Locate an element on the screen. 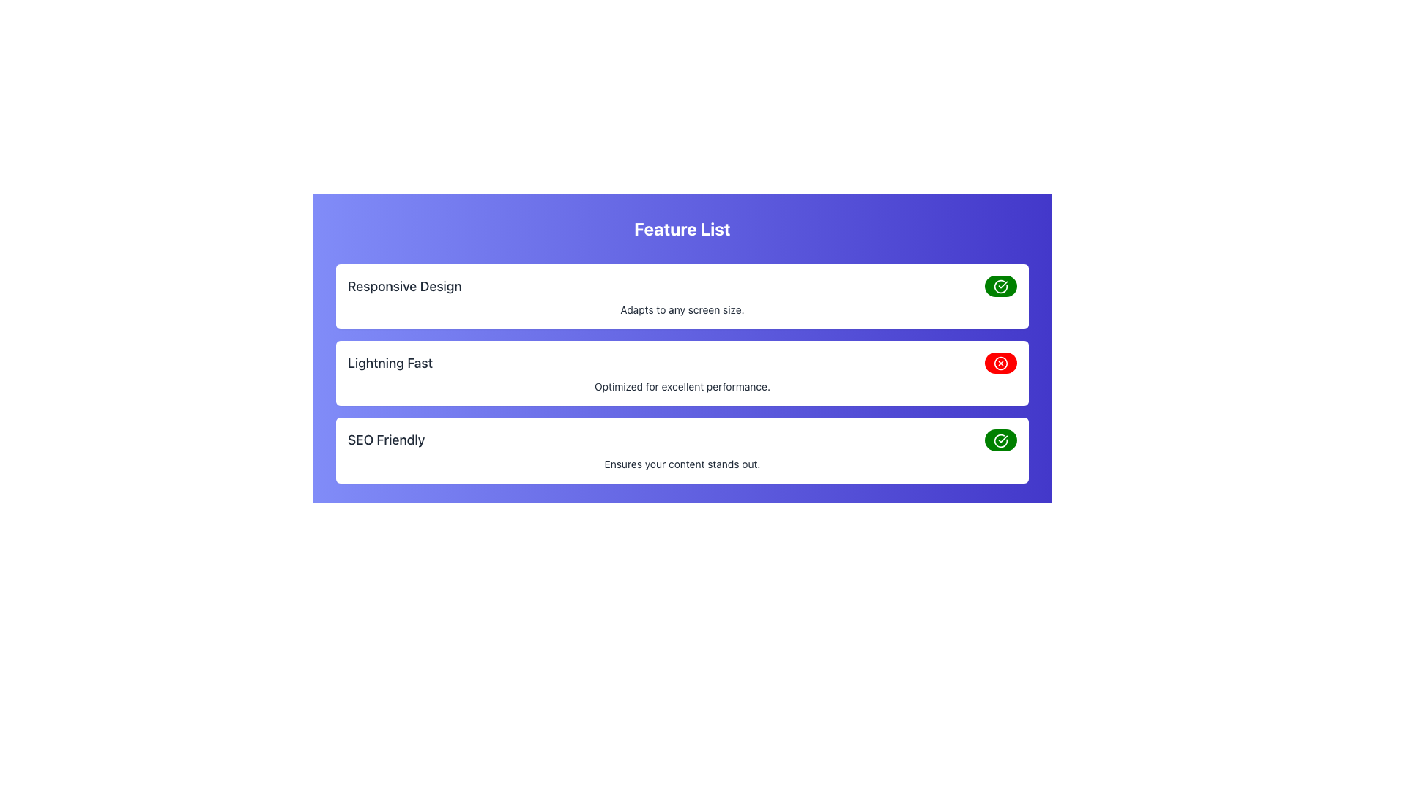 The image size is (1406, 790). the Indicator icon representing a 'negative' or 'inactive' state located on the right side of the second row next to the text 'Lightning Fast' is located at coordinates (1000, 363).